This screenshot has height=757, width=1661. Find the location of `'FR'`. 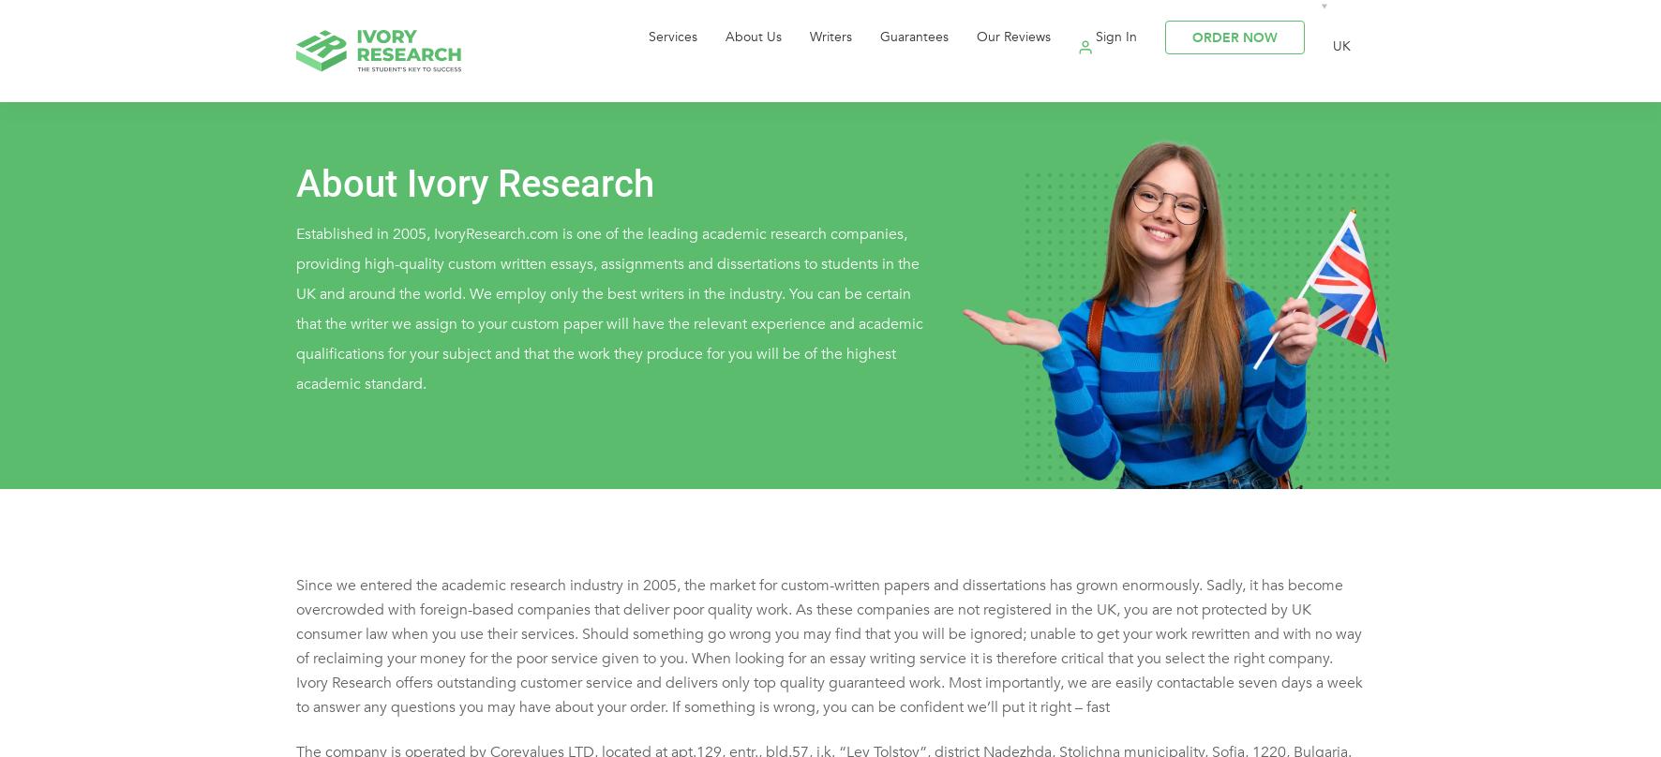

'FR' is located at coordinates (1413, 191).